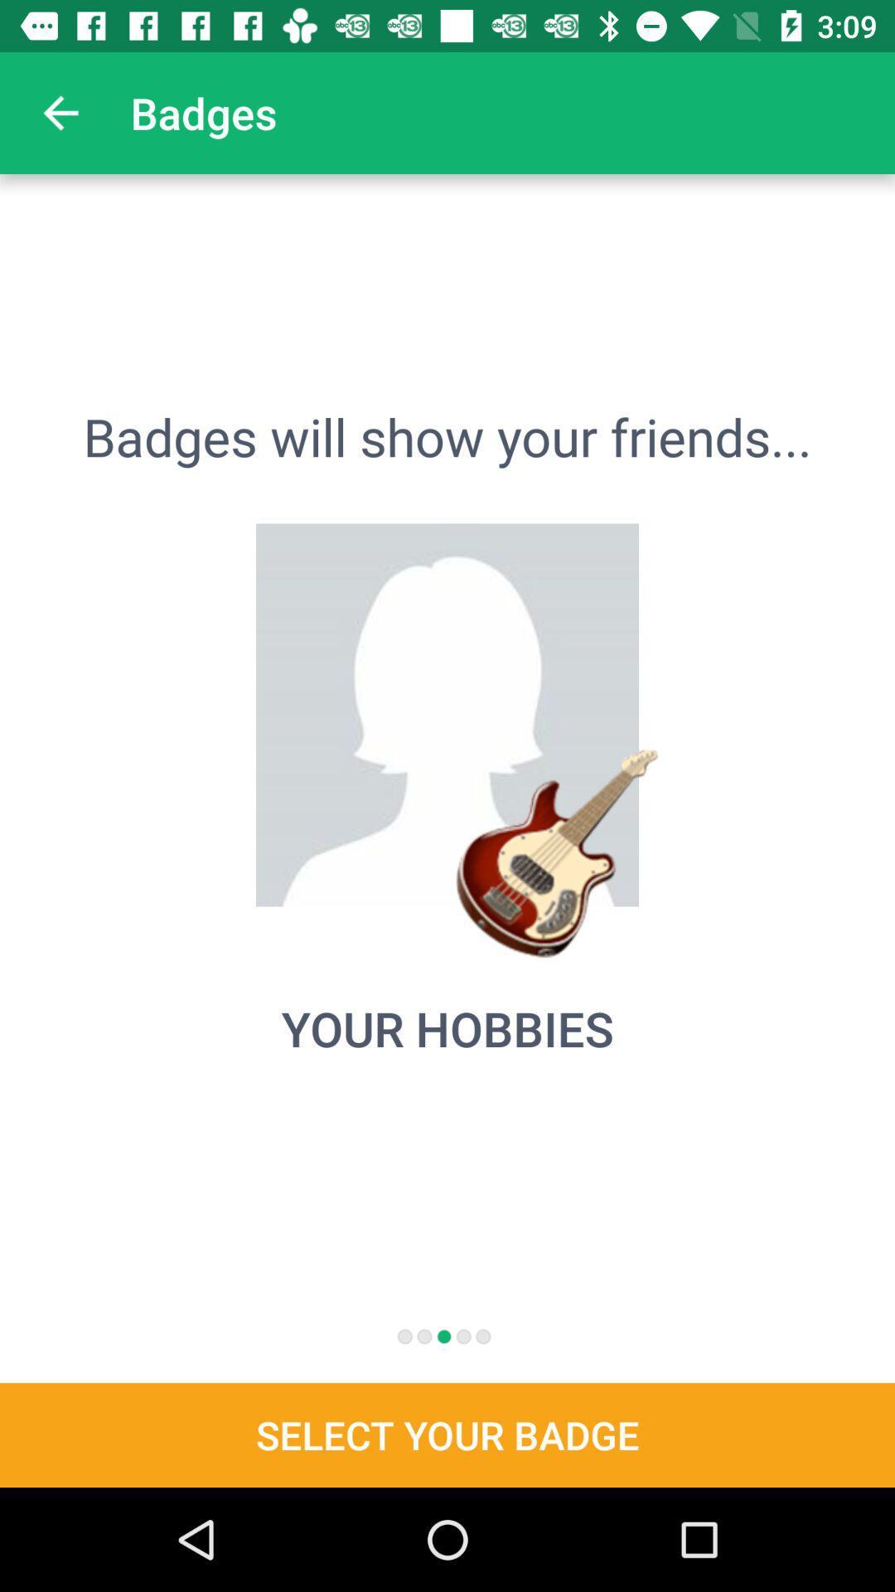 The width and height of the screenshot is (895, 1592). What do you see at coordinates (447, 1434) in the screenshot?
I see `the select your badge item` at bounding box center [447, 1434].